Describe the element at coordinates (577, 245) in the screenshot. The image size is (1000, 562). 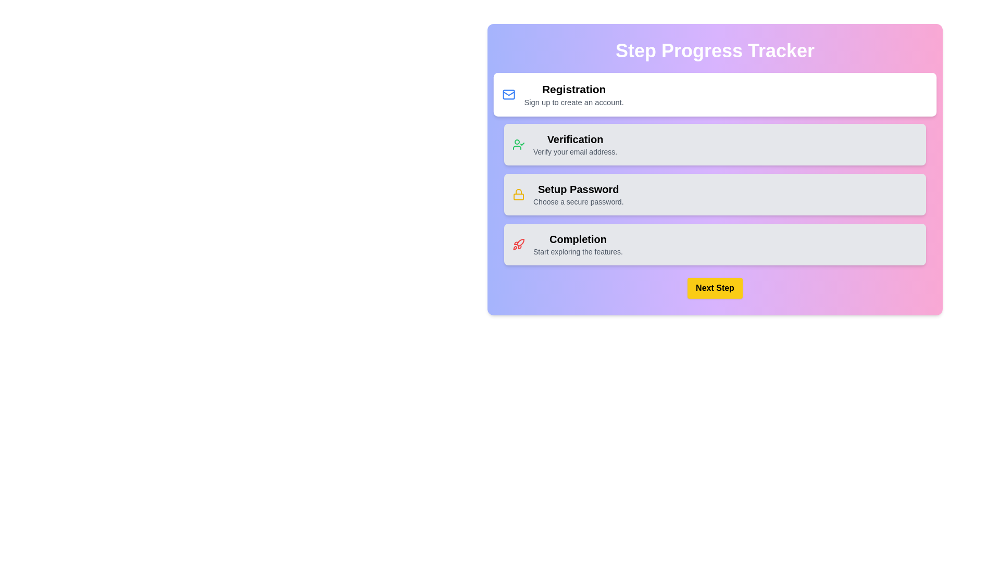
I see `the text block titled 'Completion' with subtitle 'Start exploring the features.' located at the bottom of the 'Step Progress Tracker' interface` at that location.